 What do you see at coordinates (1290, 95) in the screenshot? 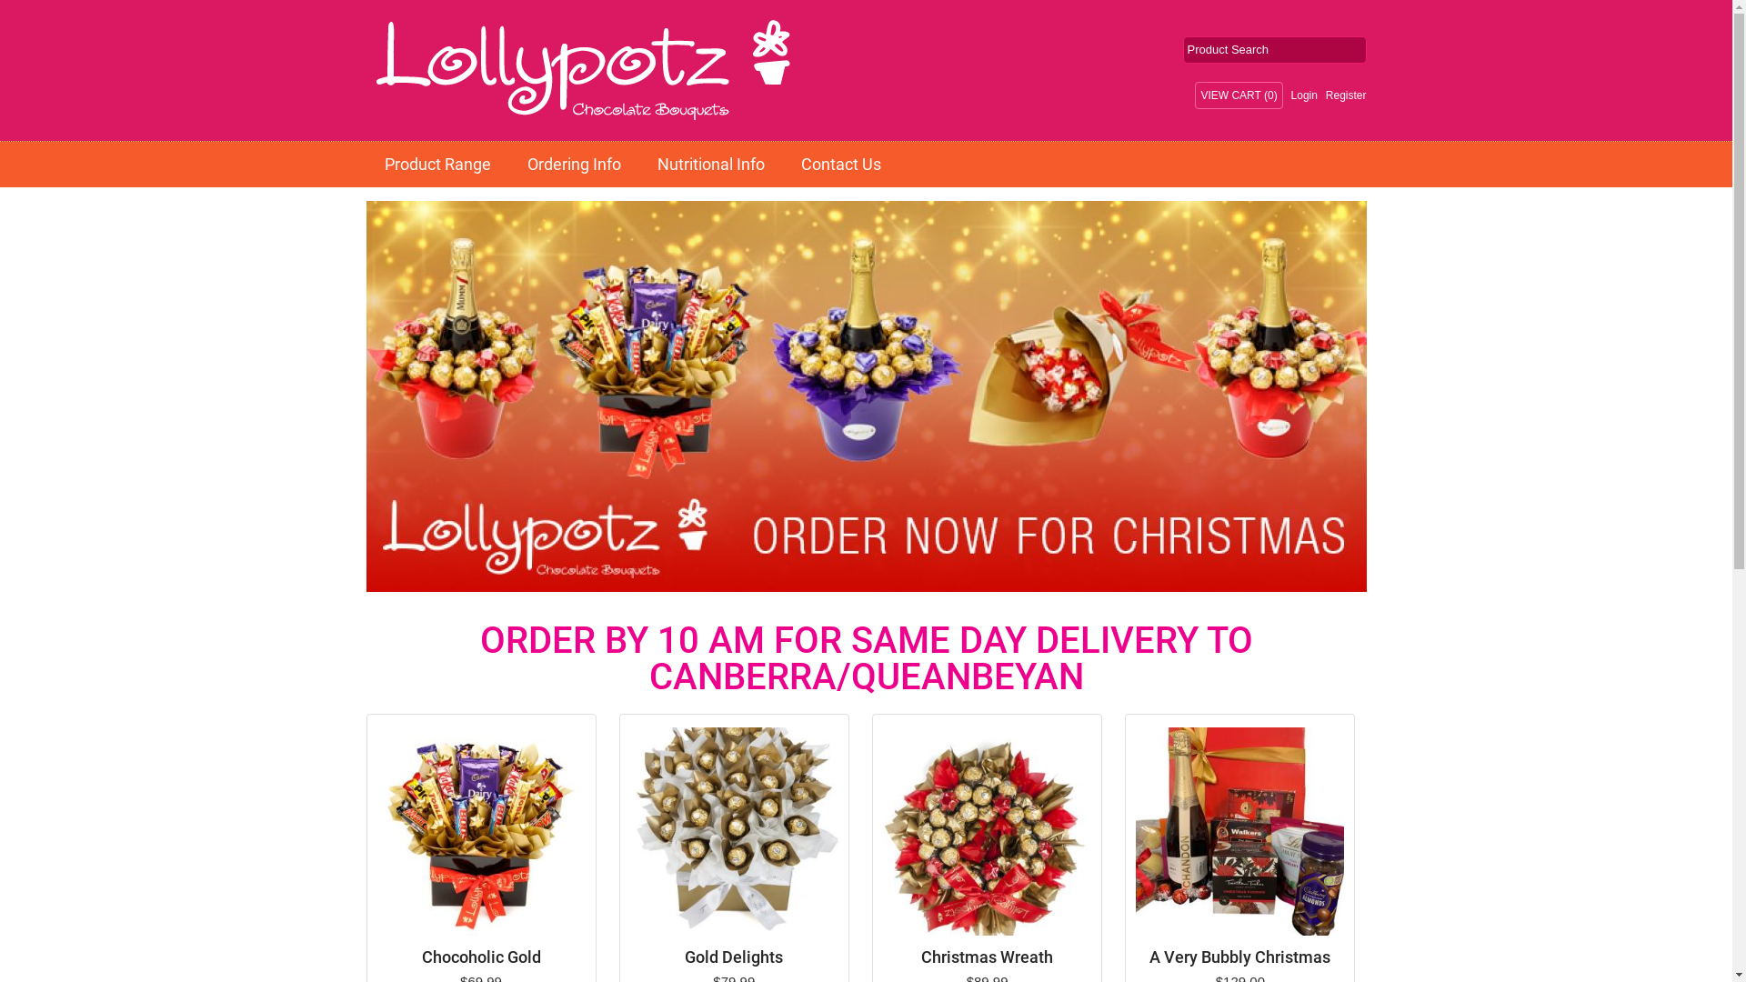
I see `'Login'` at bounding box center [1290, 95].